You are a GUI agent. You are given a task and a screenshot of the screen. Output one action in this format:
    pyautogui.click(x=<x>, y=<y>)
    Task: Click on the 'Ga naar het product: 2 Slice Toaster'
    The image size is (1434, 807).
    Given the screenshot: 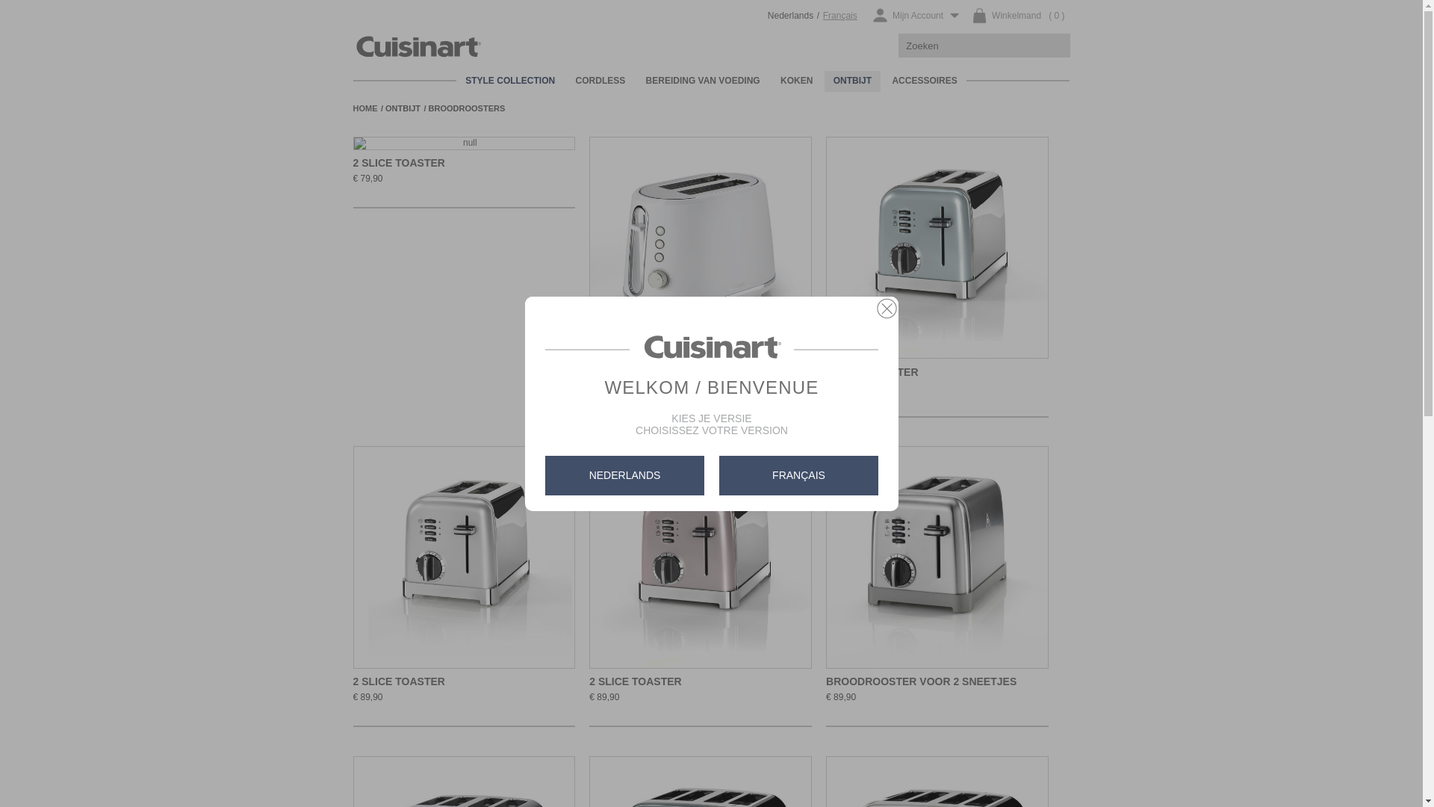 What is the action you would take?
    pyautogui.click(x=462, y=143)
    